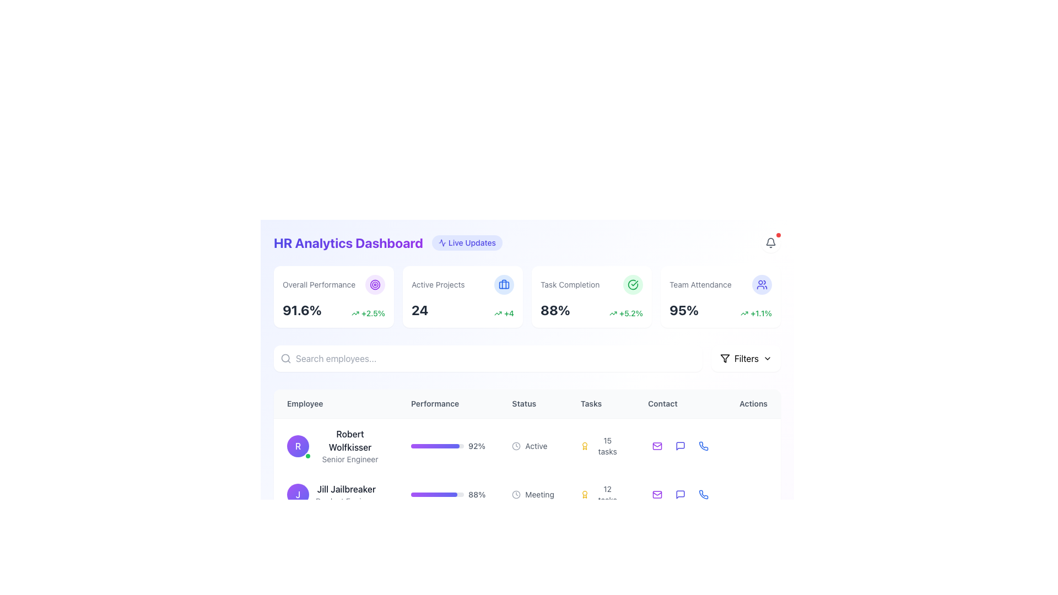 The height and width of the screenshot is (595, 1058). What do you see at coordinates (657, 494) in the screenshot?
I see `the purple envelope icon button located in the 'Actions' column of the data table, positioned in the third slot of the second row` at bounding box center [657, 494].